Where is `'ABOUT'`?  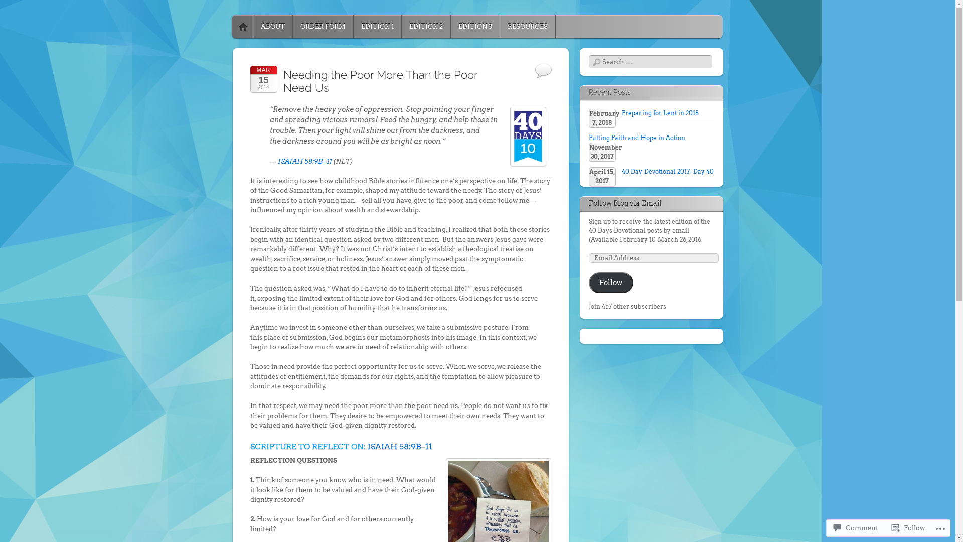
'ABOUT' is located at coordinates (272, 26).